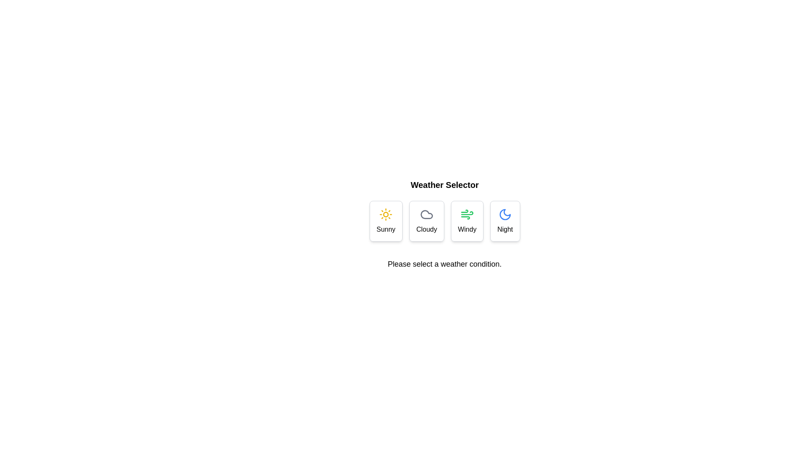 The image size is (801, 450). What do you see at coordinates (504, 230) in the screenshot?
I see `the text label displaying 'Night' in the weather selector interface, located below the crescent moon icon in the fourth card` at bounding box center [504, 230].